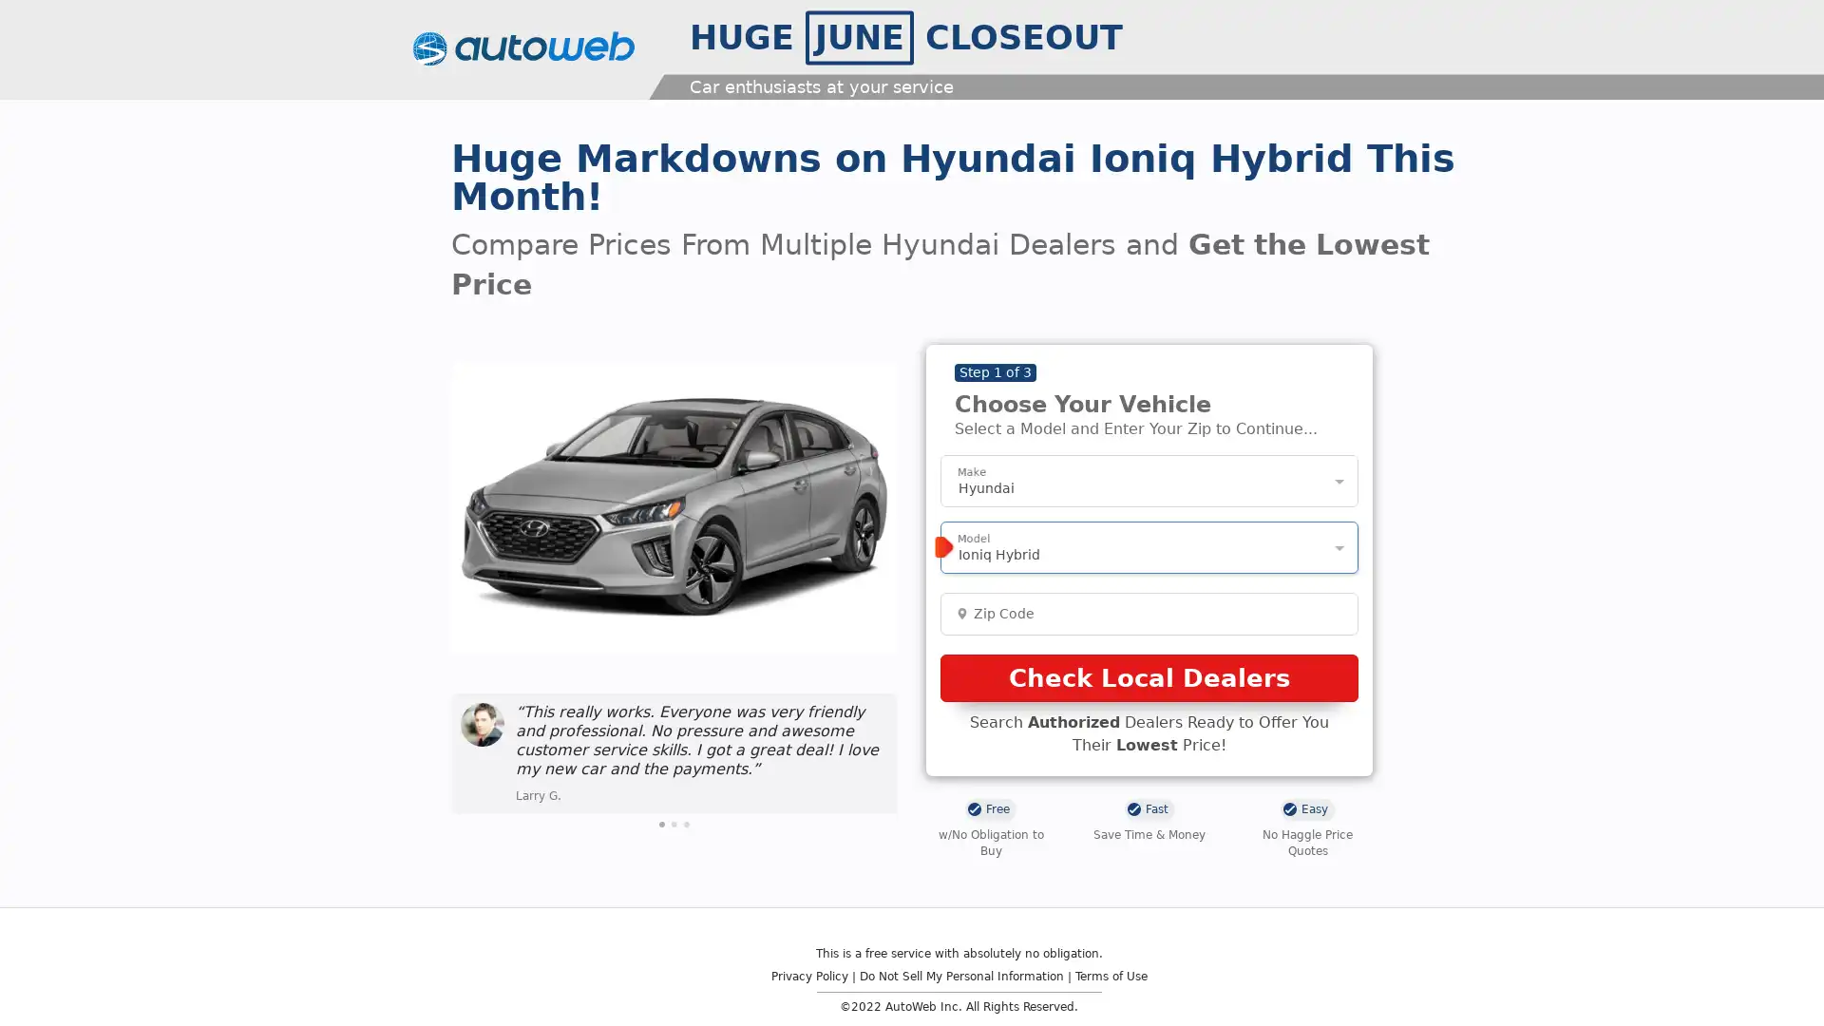  What do you see at coordinates (674, 823) in the screenshot?
I see `Carousel Page 2` at bounding box center [674, 823].